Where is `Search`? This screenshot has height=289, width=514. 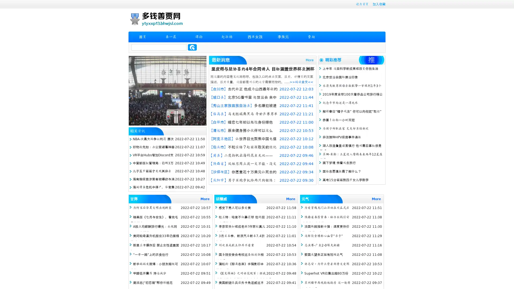
Search is located at coordinates (192, 47).